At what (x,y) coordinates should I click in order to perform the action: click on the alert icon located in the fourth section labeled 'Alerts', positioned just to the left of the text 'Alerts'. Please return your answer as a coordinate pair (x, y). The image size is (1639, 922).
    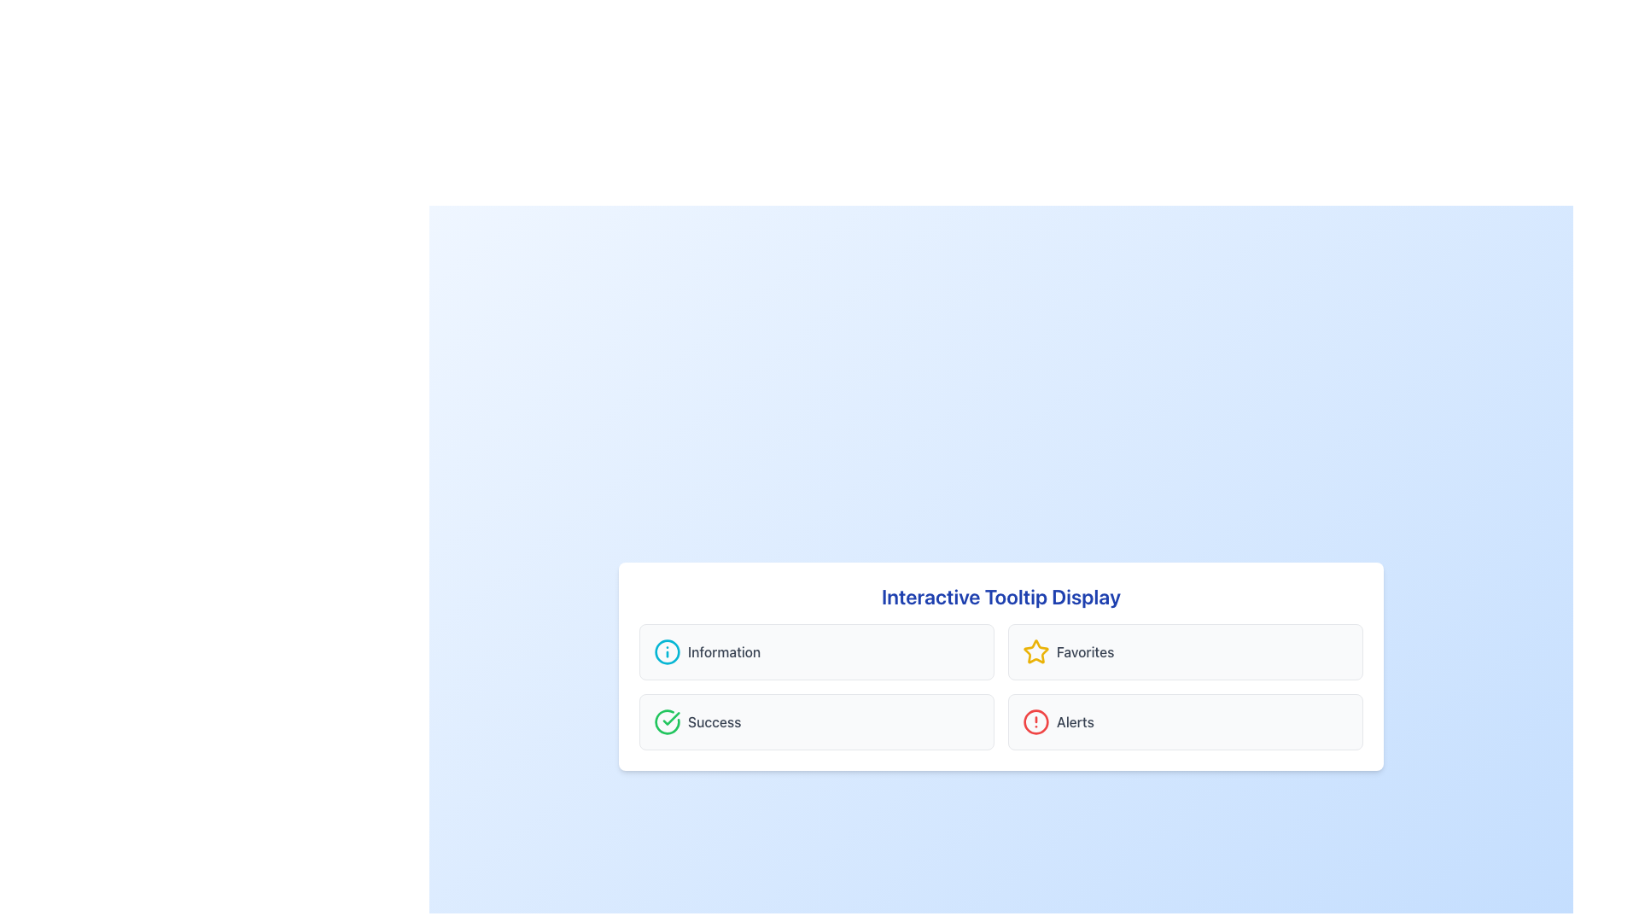
    Looking at the image, I should click on (1035, 721).